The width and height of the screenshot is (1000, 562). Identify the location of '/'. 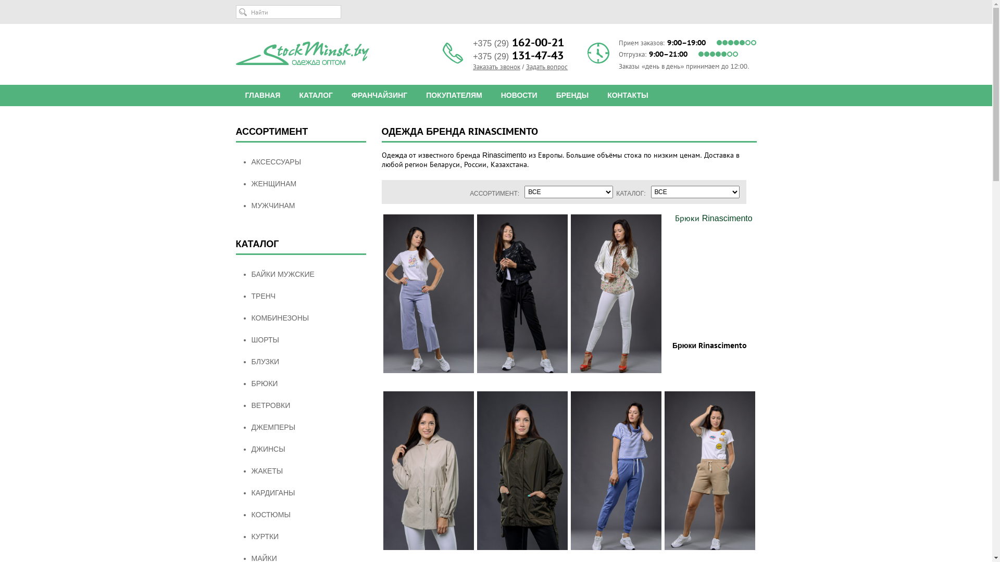
(523, 67).